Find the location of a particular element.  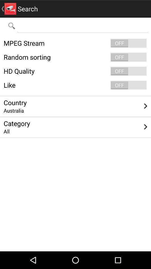

hd quality item is located at coordinates (75, 71).